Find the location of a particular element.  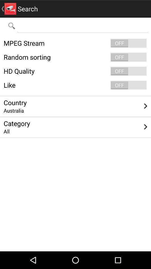

hd quality item is located at coordinates (75, 71).